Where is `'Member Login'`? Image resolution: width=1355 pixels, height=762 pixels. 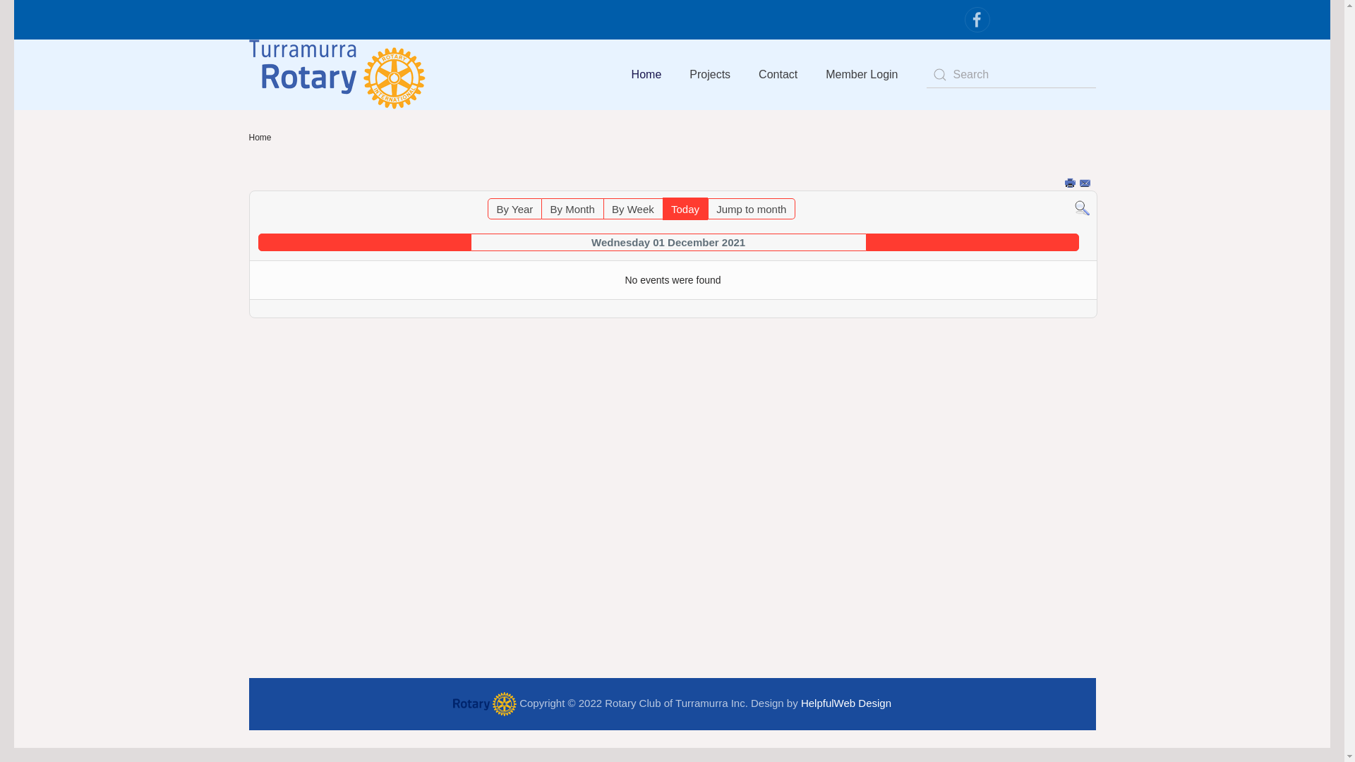
'Member Login' is located at coordinates (812, 74).